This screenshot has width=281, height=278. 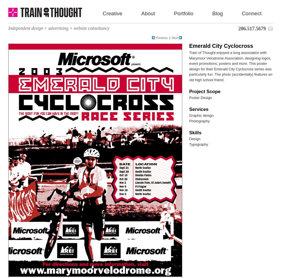 I want to click on 'Poster Design', so click(x=200, y=97).